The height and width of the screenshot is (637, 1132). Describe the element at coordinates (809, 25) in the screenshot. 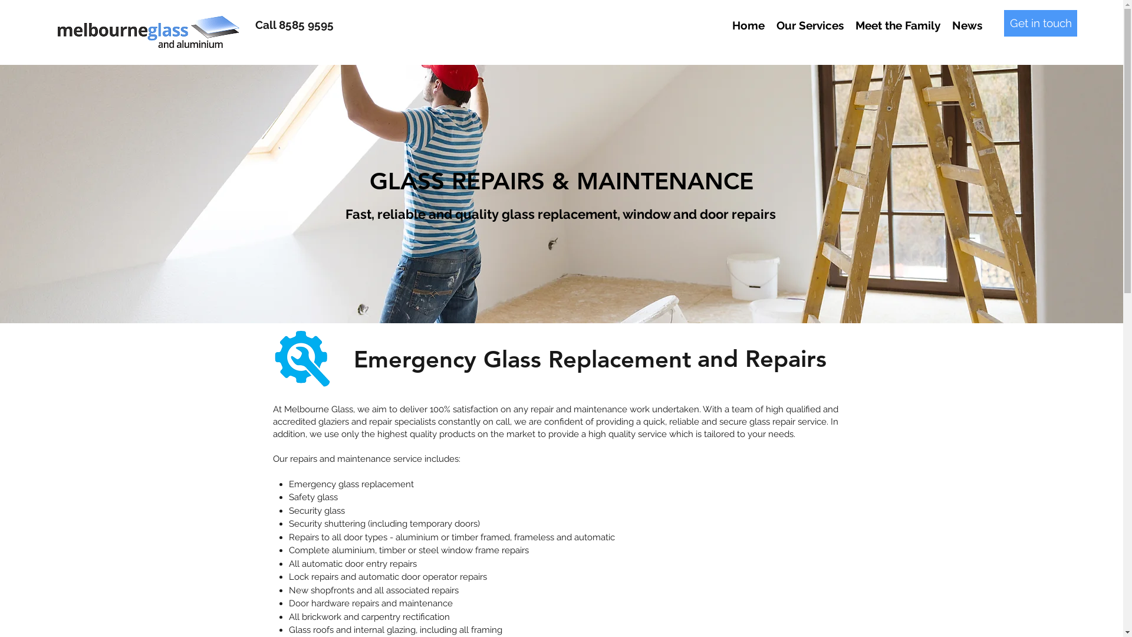

I see `'Our Services'` at that location.